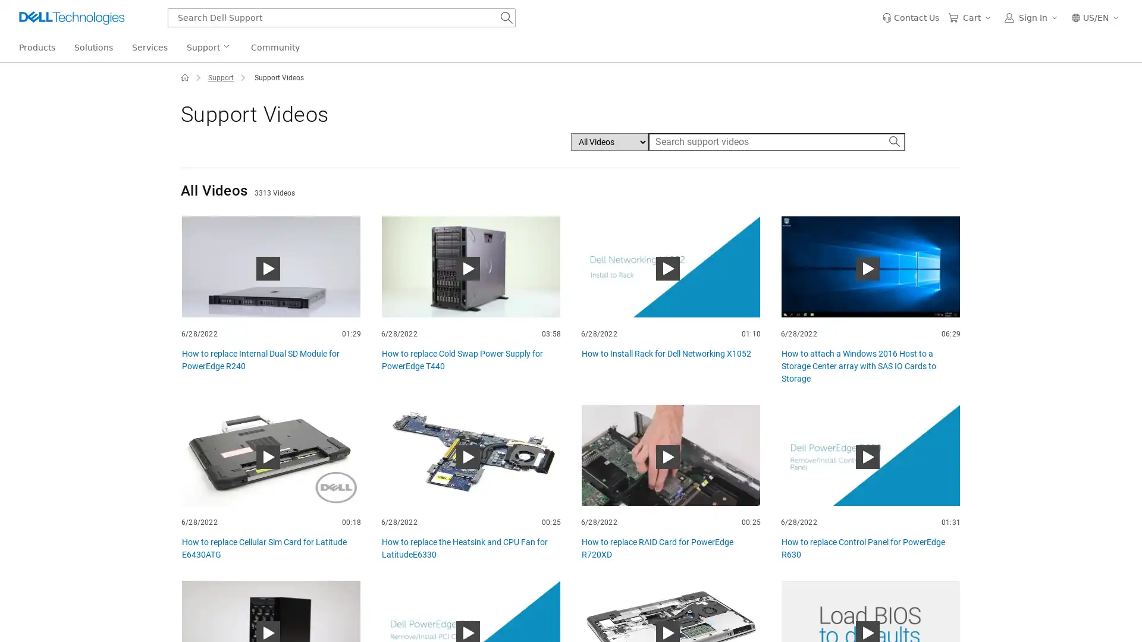 The width and height of the screenshot is (1142, 642). Describe the element at coordinates (271, 455) in the screenshot. I see `How to replace Cellular Sim Card for Latitude E6430ATG Play` at that location.